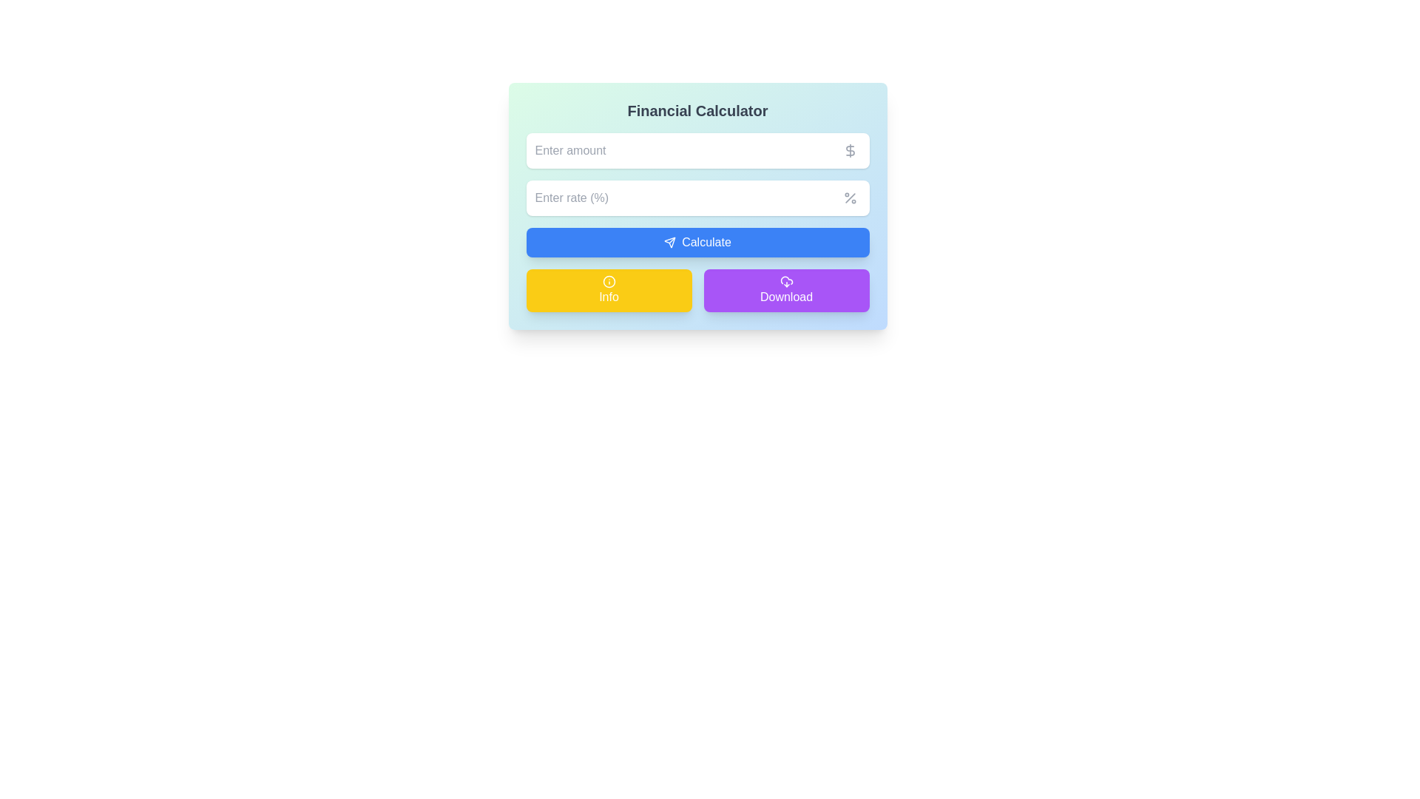 This screenshot has width=1420, height=799. Describe the element at coordinates (609, 291) in the screenshot. I see `the yellow rectangular button with rounded corners labeled 'Info', located below the 'Calculate' button and left of the 'Download' button to invoke an action` at that location.